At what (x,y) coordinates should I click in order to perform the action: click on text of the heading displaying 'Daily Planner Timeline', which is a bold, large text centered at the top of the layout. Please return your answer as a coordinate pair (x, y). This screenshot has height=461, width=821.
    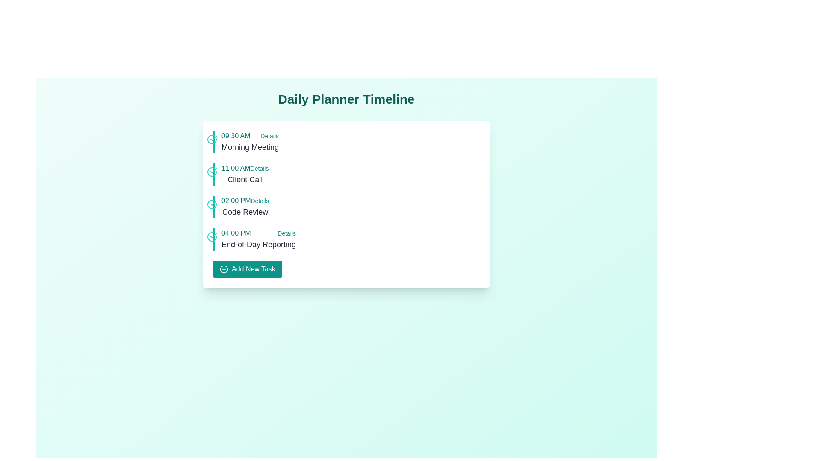
    Looking at the image, I should click on (346, 99).